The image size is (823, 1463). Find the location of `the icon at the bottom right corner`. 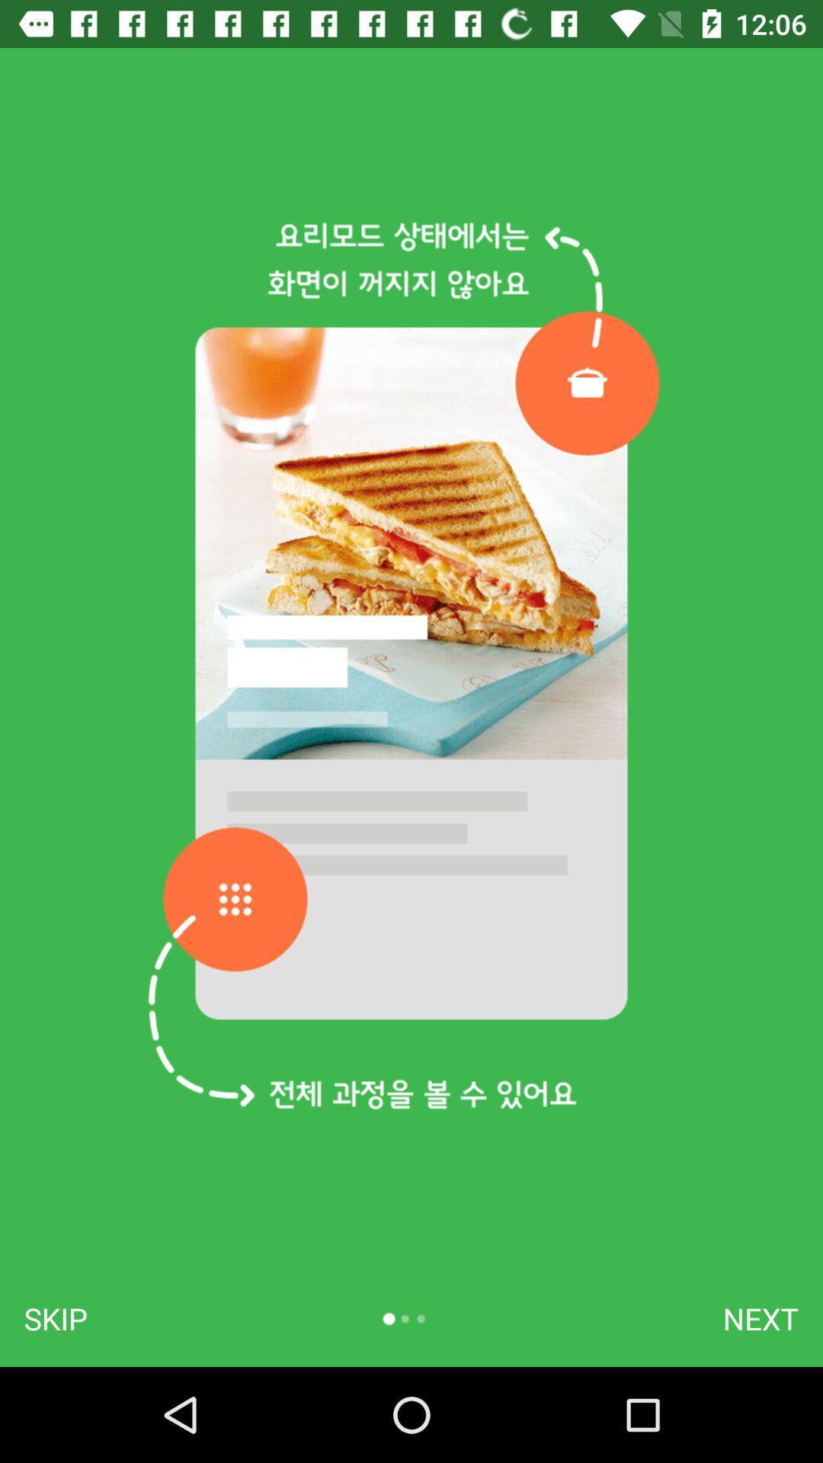

the icon at the bottom right corner is located at coordinates (761, 1318).